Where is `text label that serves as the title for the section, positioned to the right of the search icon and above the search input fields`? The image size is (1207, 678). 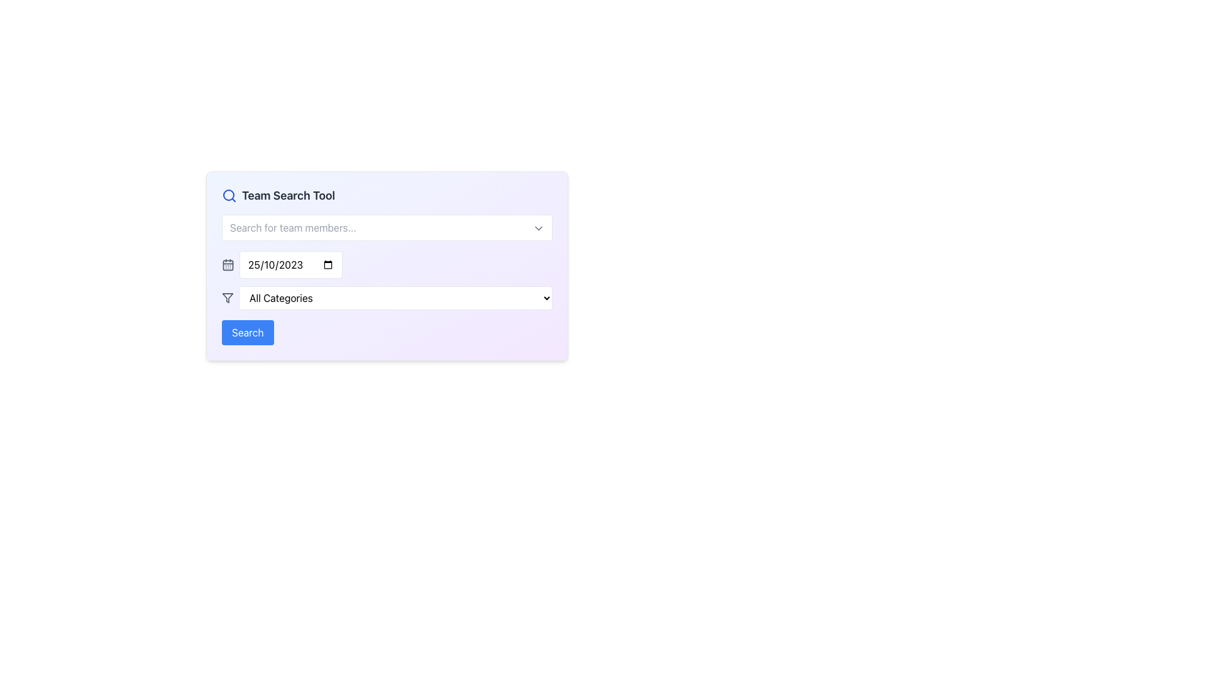
text label that serves as the title for the section, positioned to the right of the search icon and above the search input fields is located at coordinates (288, 196).